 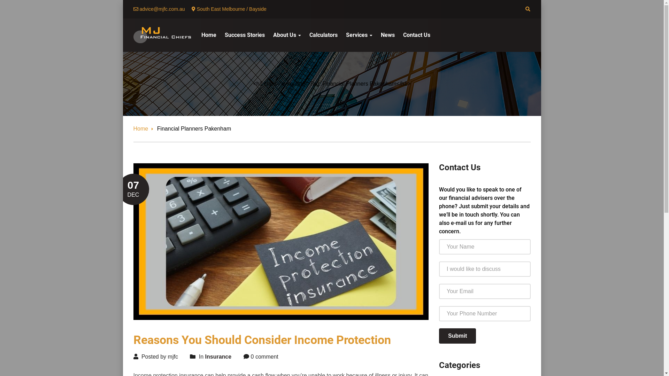 I want to click on 'About Us', so click(x=287, y=35).